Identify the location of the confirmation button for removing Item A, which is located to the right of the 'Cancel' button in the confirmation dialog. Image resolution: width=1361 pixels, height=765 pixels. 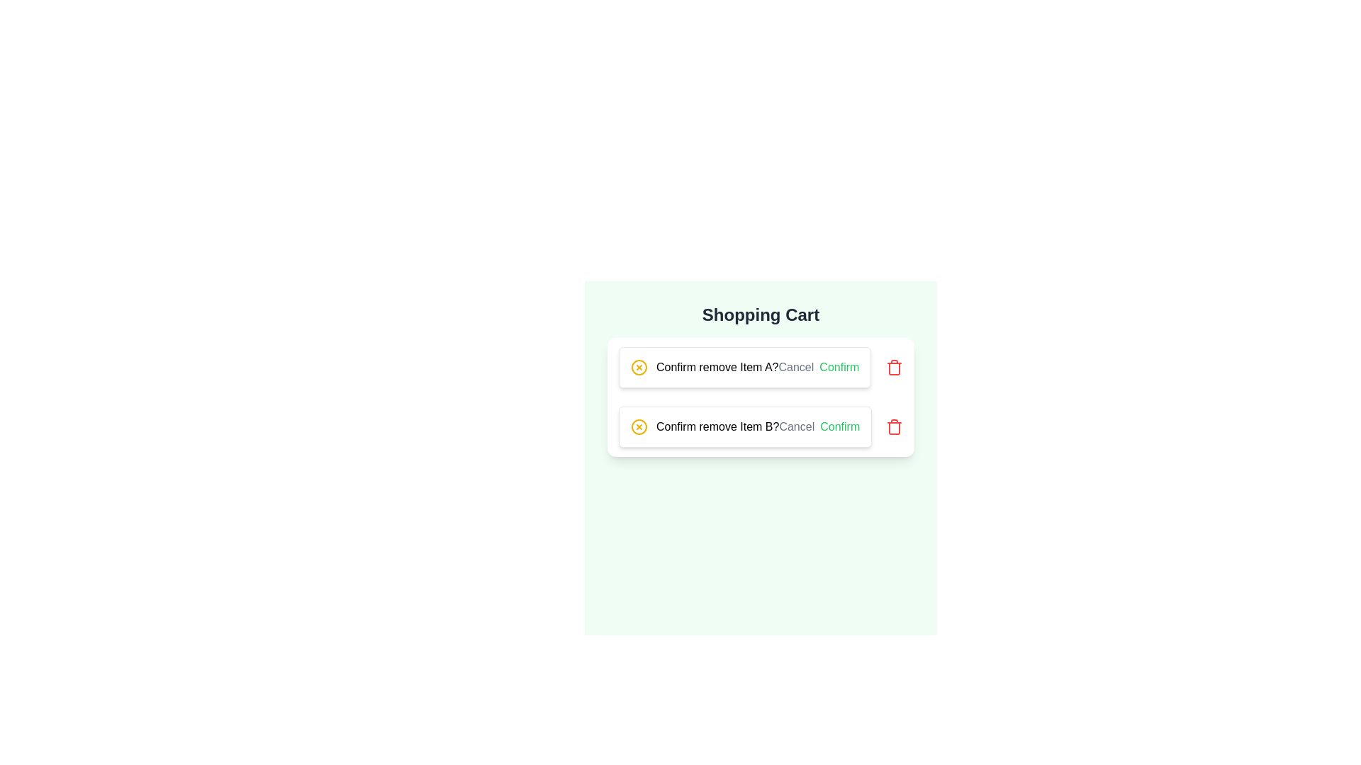
(839, 367).